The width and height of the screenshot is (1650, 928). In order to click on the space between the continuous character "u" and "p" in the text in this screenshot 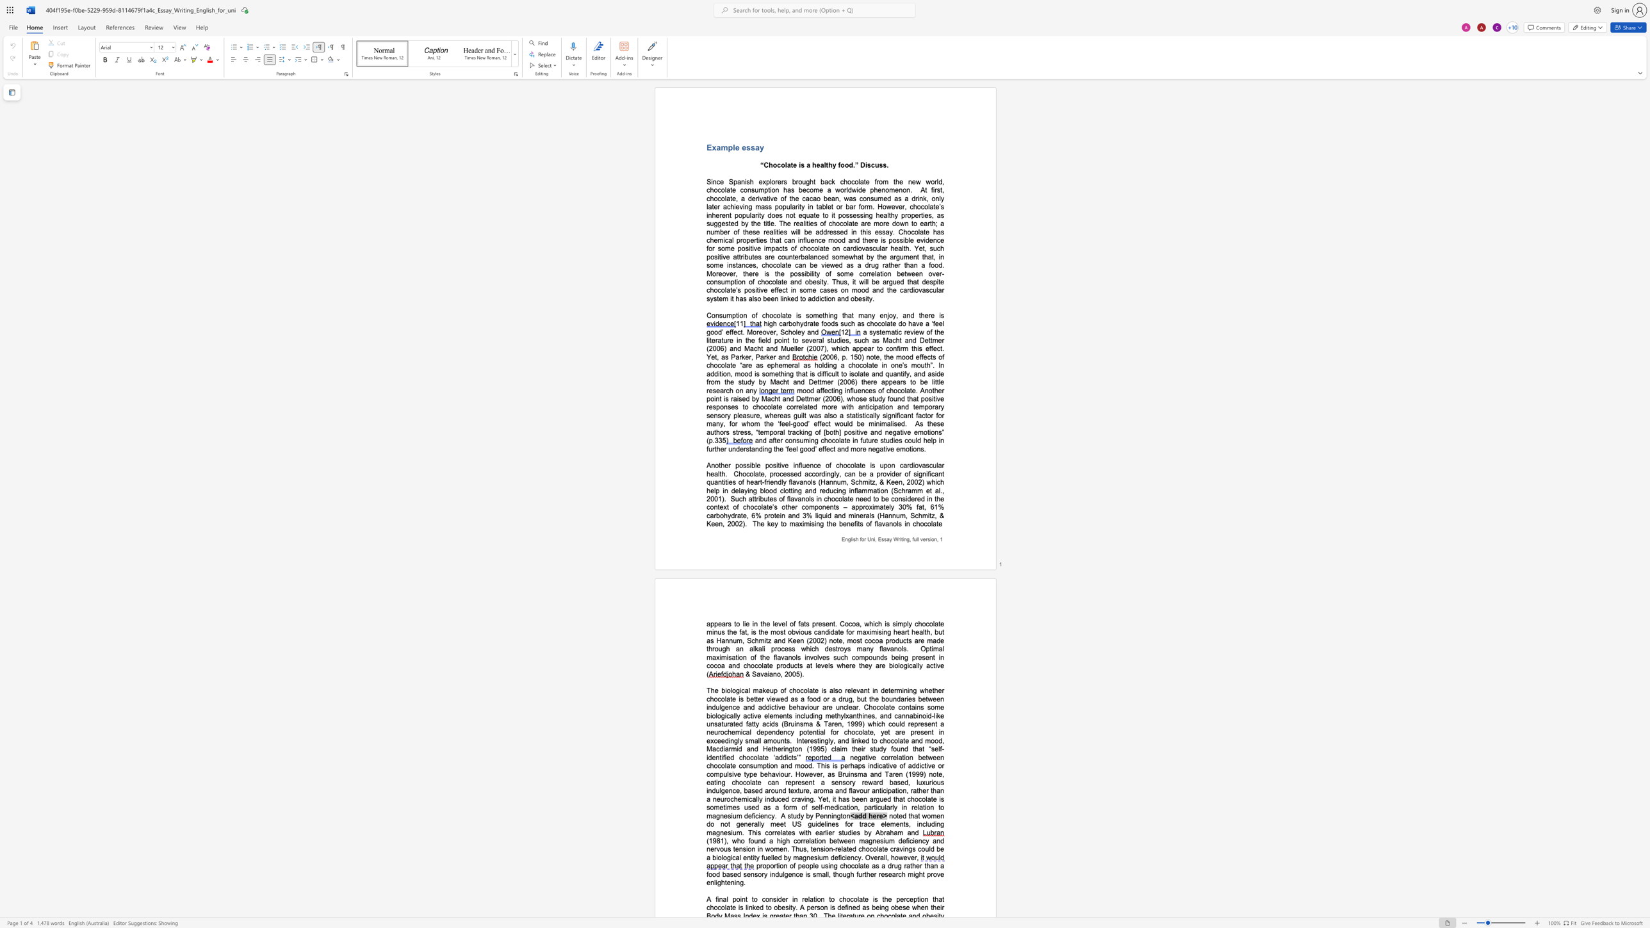, I will do `click(883, 465)`.